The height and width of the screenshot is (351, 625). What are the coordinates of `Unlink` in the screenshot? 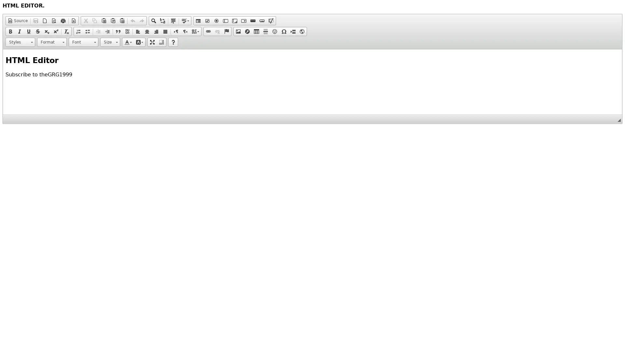 It's located at (217, 31).